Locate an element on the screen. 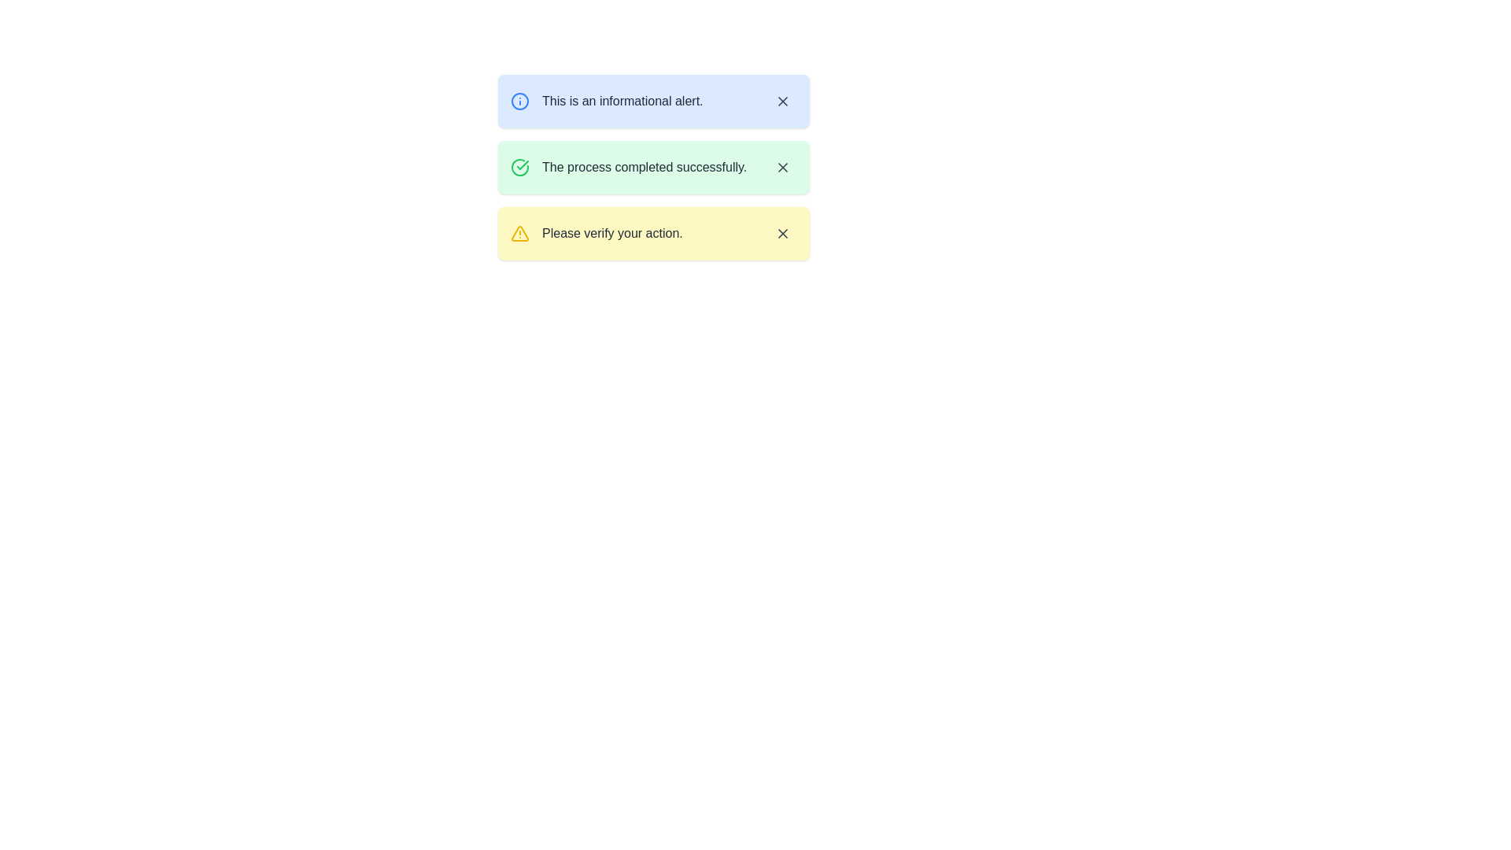 The height and width of the screenshot is (850, 1511). the alert component that serves as a warning or caution notification, situated as the third item in a stack of alerts, for accessibility purposes is located at coordinates (653, 234).